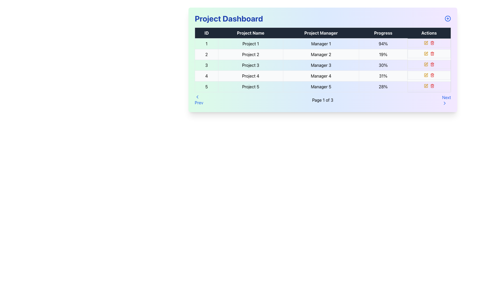 This screenshot has width=504, height=283. I want to click on the static text displaying the progress percentage (94%) in the fourth column of the first row of the table, which represents the current completion level of the project, so click(383, 43).